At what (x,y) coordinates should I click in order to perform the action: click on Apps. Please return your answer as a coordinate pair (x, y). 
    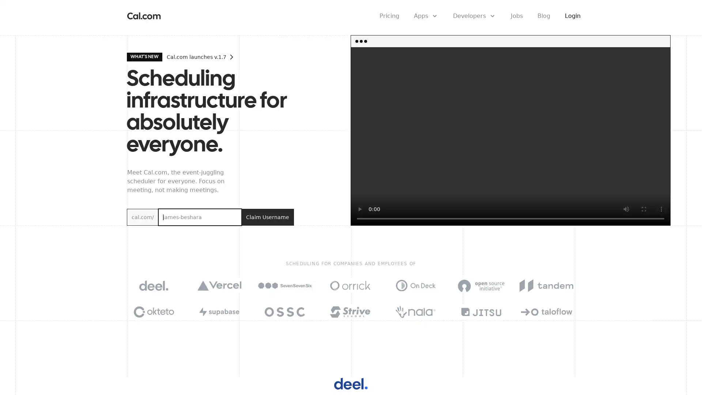
    Looking at the image, I should click on (426, 16).